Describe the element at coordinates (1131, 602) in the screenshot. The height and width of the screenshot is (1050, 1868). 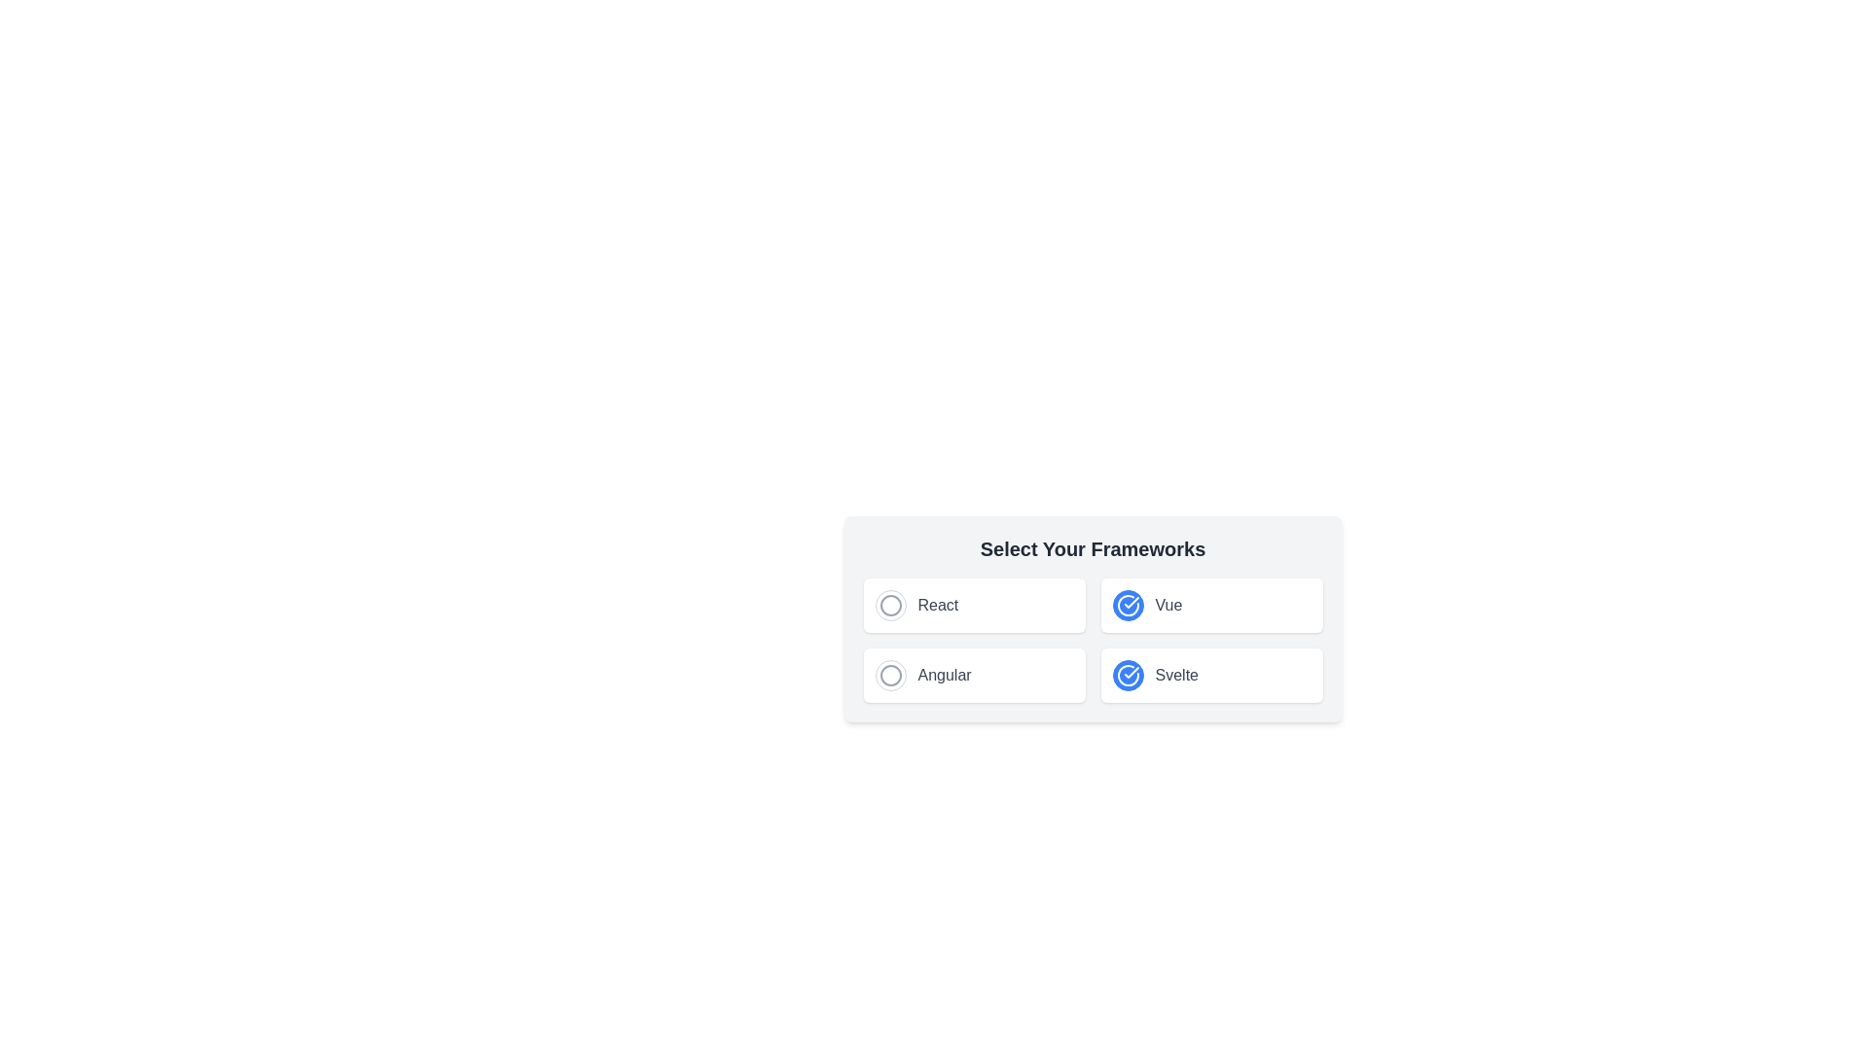
I see `the checkmark symbol within the circular icon located to the right of the 'Svelte' option in the framework grid` at that location.